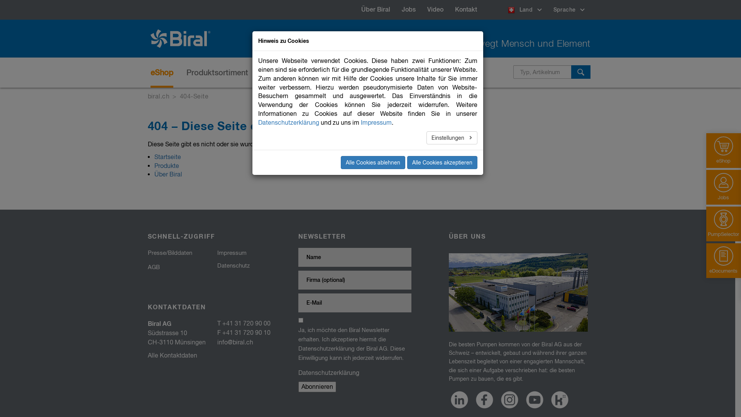  Describe the element at coordinates (233, 265) in the screenshot. I see `'Datenschutz'` at that location.